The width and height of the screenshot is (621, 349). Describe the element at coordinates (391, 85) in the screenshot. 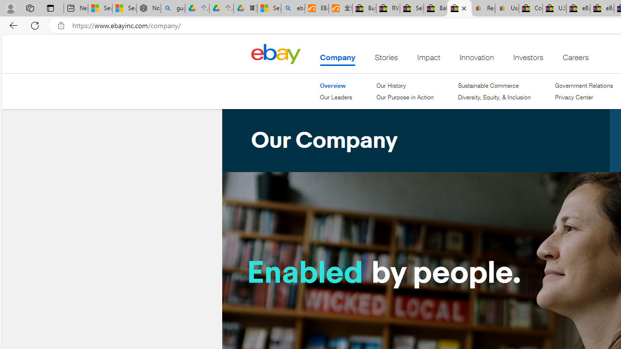

I see `'Our History'` at that location.